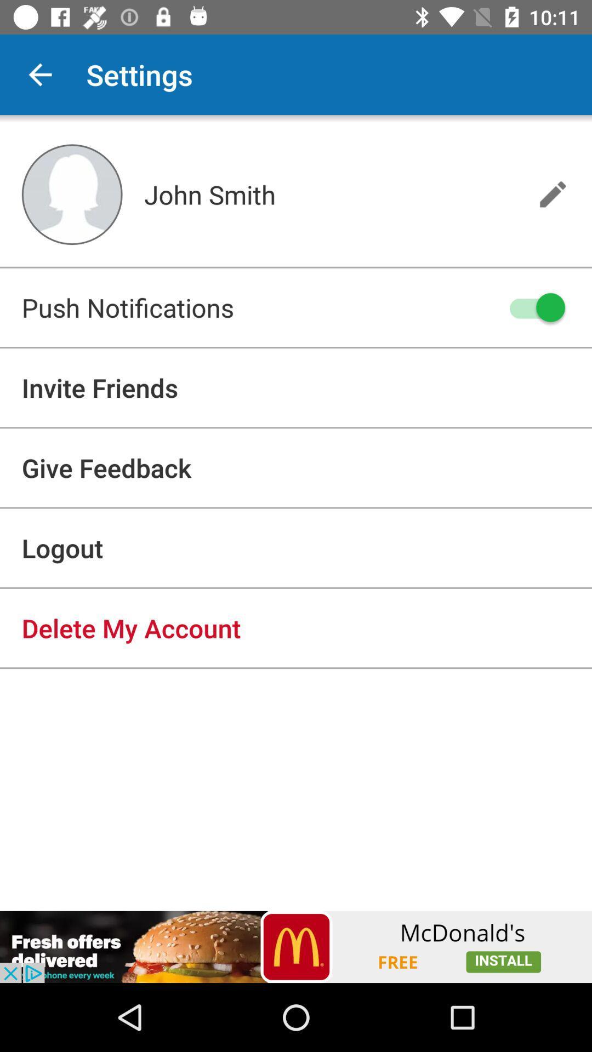 This screenshot has height=1052, width=592. What do you see at coordinates (553, 194) in the screenshot?
I see `write` at bounding box center [553, 194].